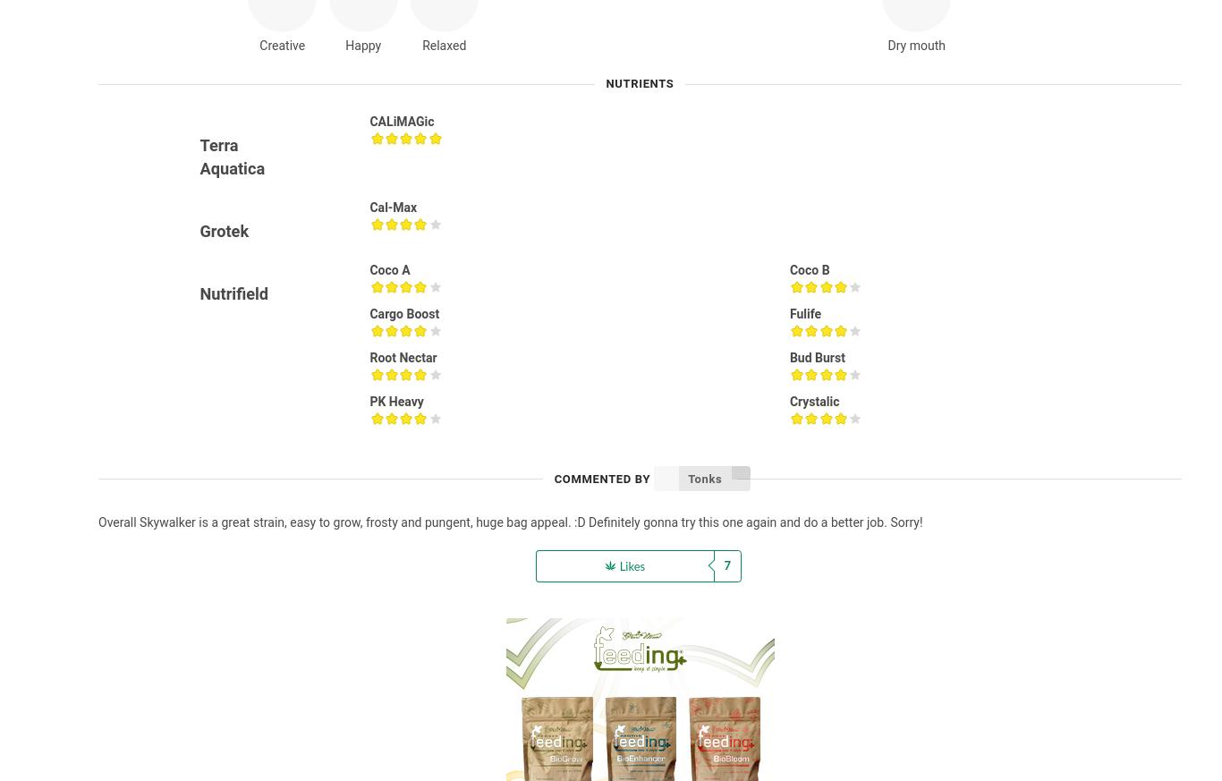 This screenshot has height=781, width=1222. Describe the element at coordinates (726, 565) in the screenshot. I see `'7'` at that location.